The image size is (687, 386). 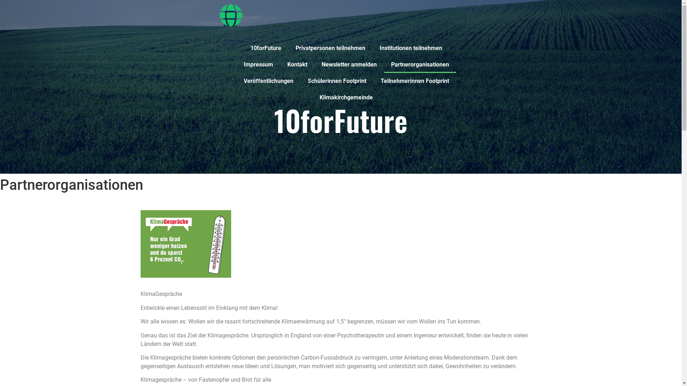 What do you see at coordinates (349, 65) in the screenshot?
I see `'Newsletter anmelden'` at bounding box center [349, 65].